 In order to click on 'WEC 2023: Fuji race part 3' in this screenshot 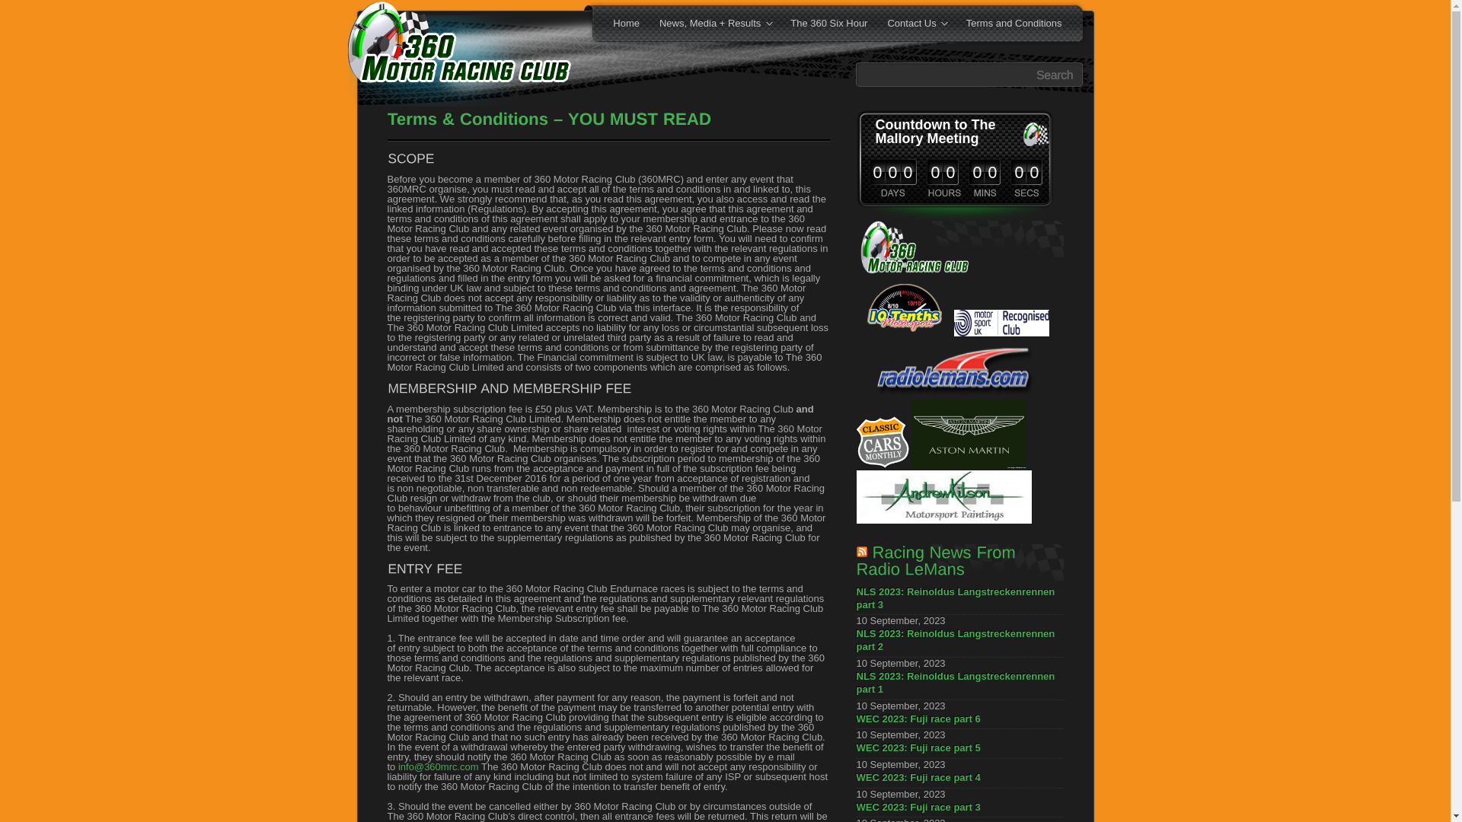, I will do `click(855, 809)`.